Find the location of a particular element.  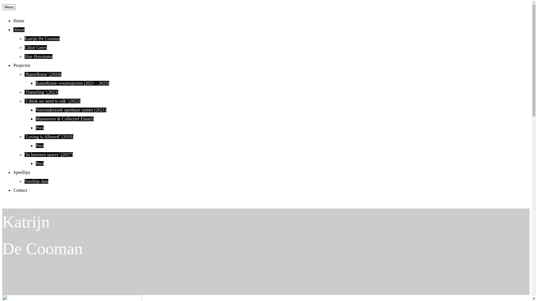

'Home' is located at coordinates (13, 20).